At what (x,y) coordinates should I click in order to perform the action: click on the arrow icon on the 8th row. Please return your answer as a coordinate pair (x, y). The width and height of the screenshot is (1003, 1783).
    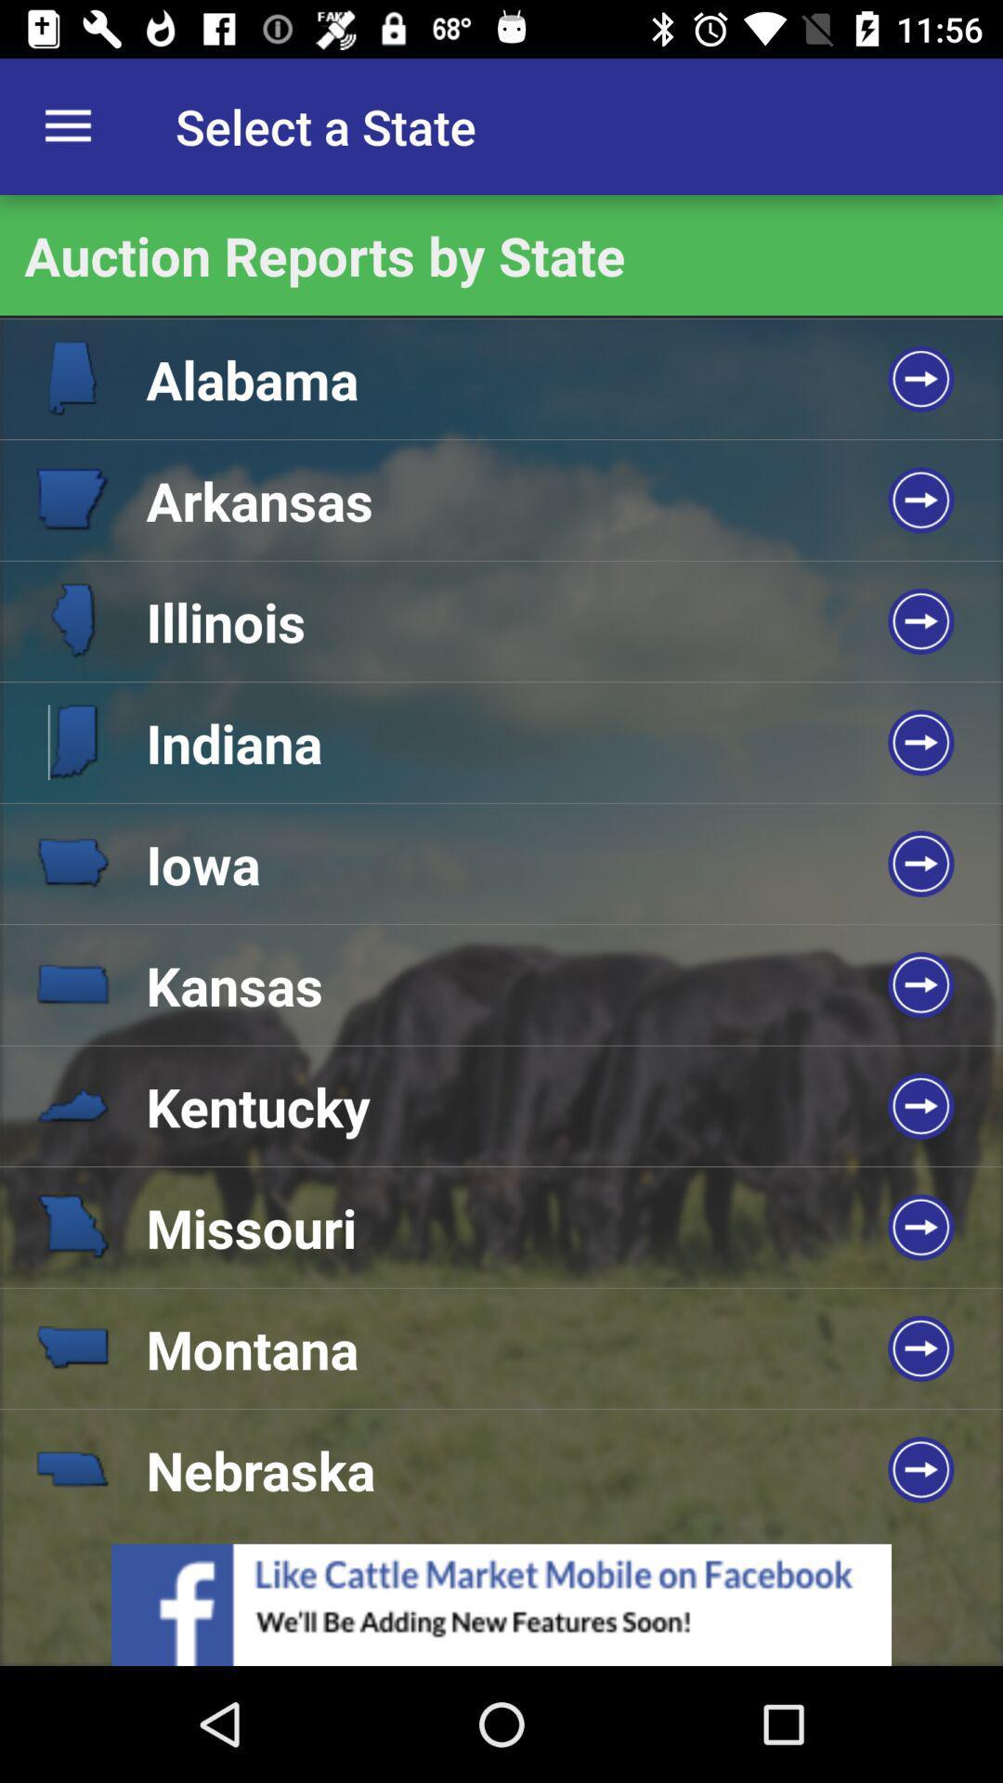
    Looking at the image, I should click on (920, 1348).